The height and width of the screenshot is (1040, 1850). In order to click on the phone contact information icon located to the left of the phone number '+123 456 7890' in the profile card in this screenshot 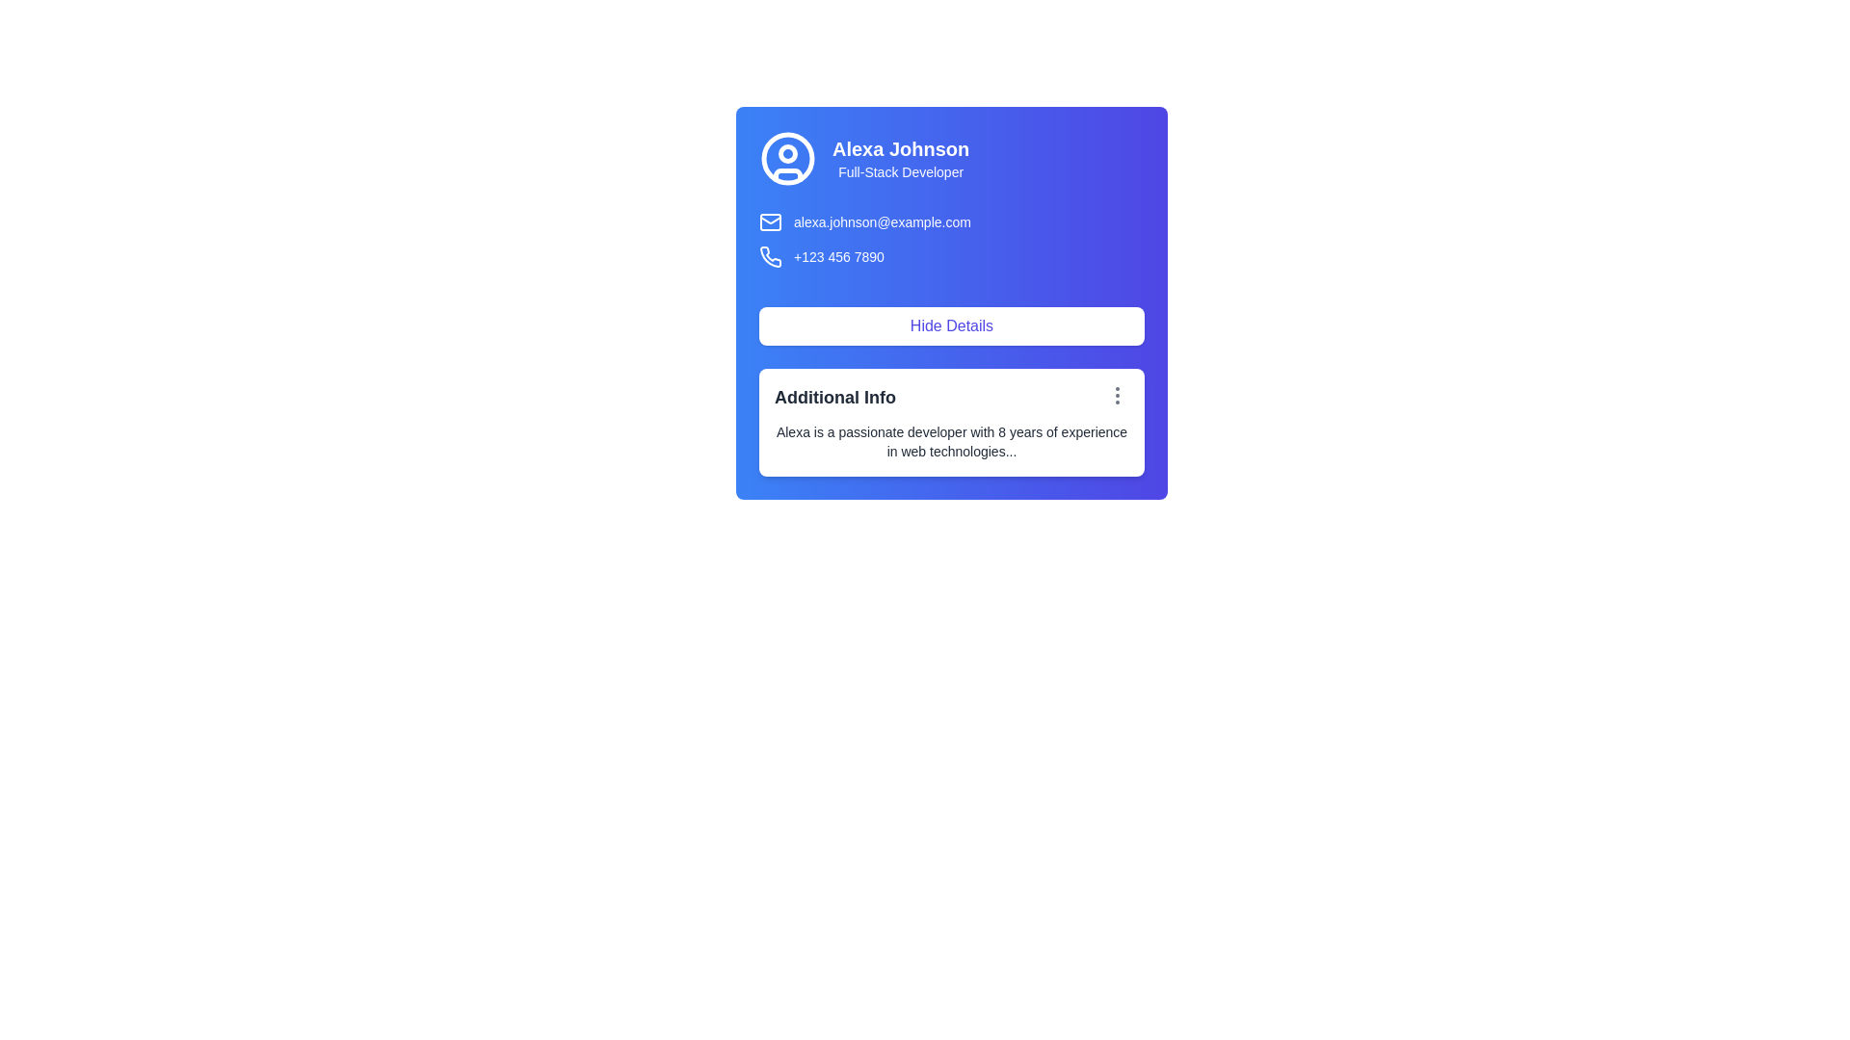, I will do `click(771, 255)`.